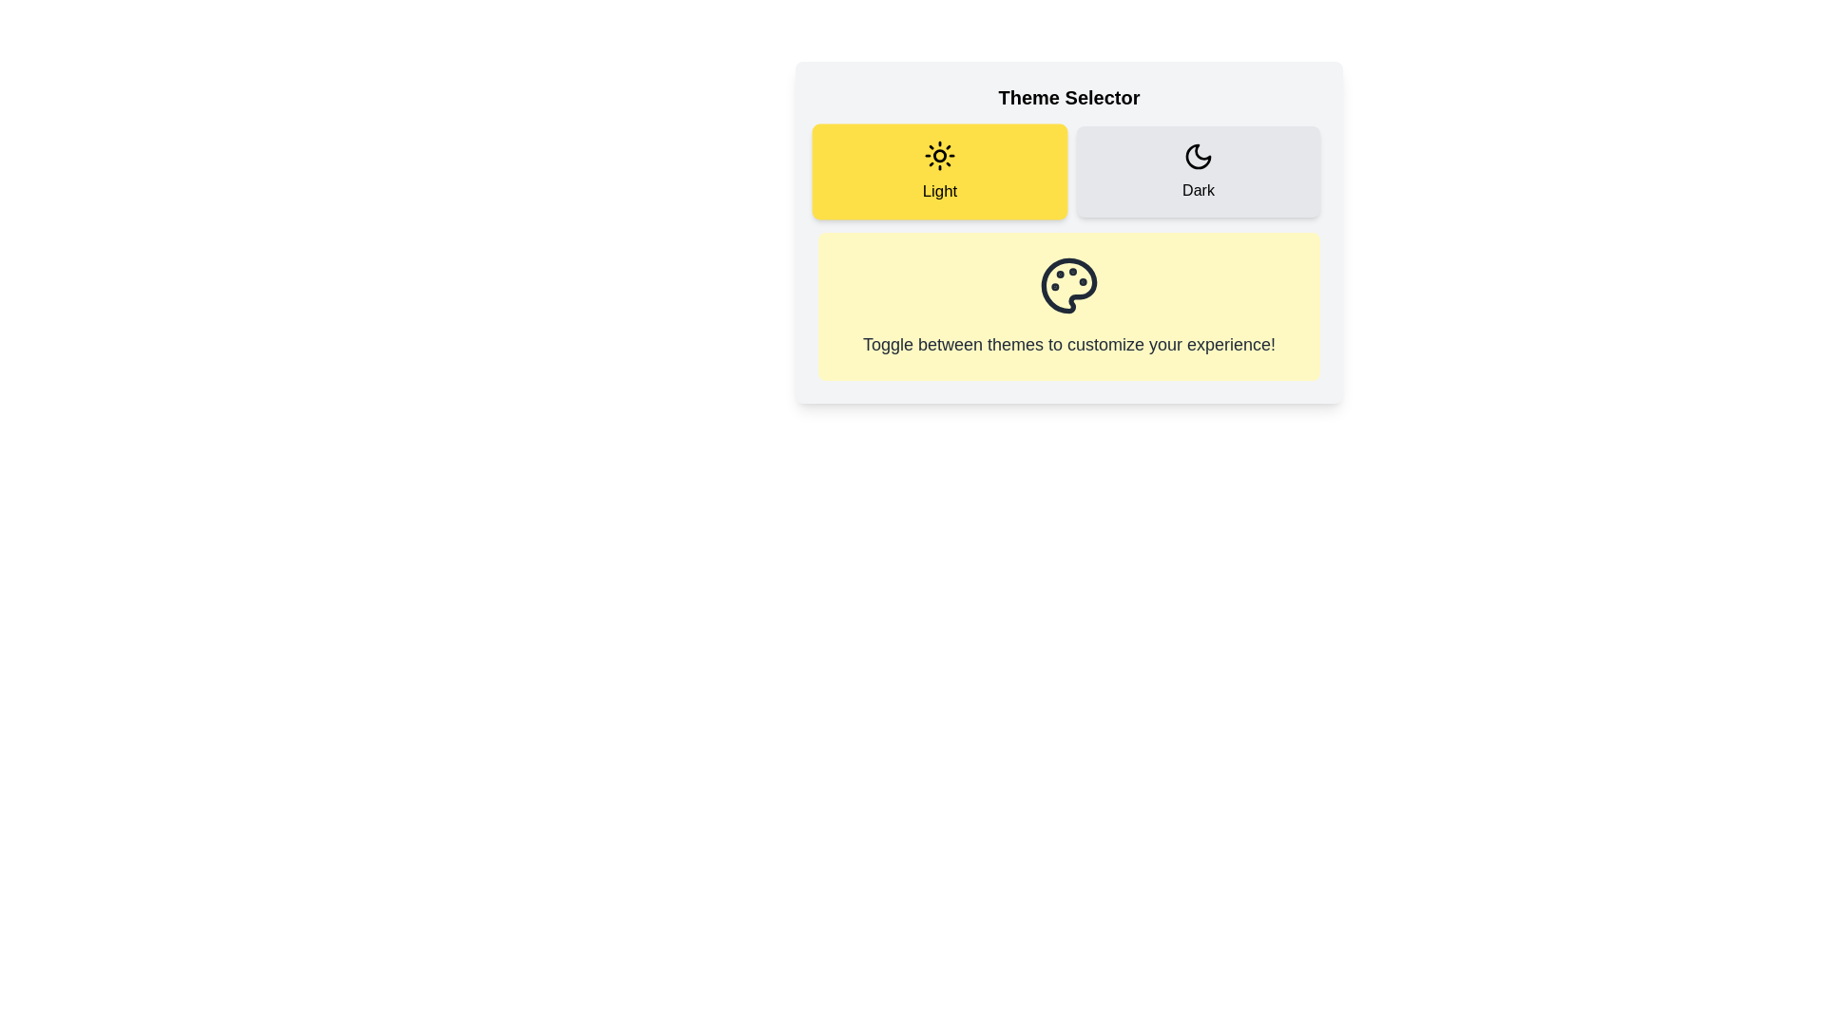 Image resolution: width=1825 pixels, height=1026 pixels. What do you see at coordinates (1068, 285) in the screenshot?
I see `the Vector Graphic Icon in the theme customization section, which is visually representative of personalization and artistic choices, located below the 'Light' and 'Dark' buttons and above the theme toggle text` at bounding box center [1068, 285].